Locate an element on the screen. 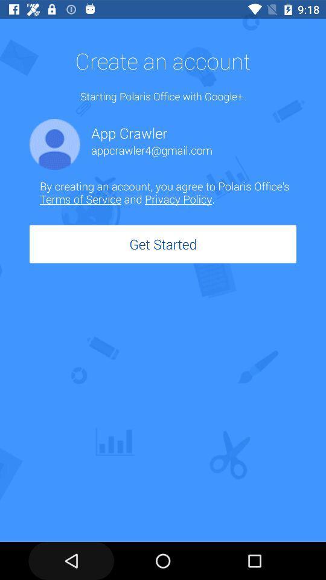  the by creating an item is located at coordinates (167, 192).